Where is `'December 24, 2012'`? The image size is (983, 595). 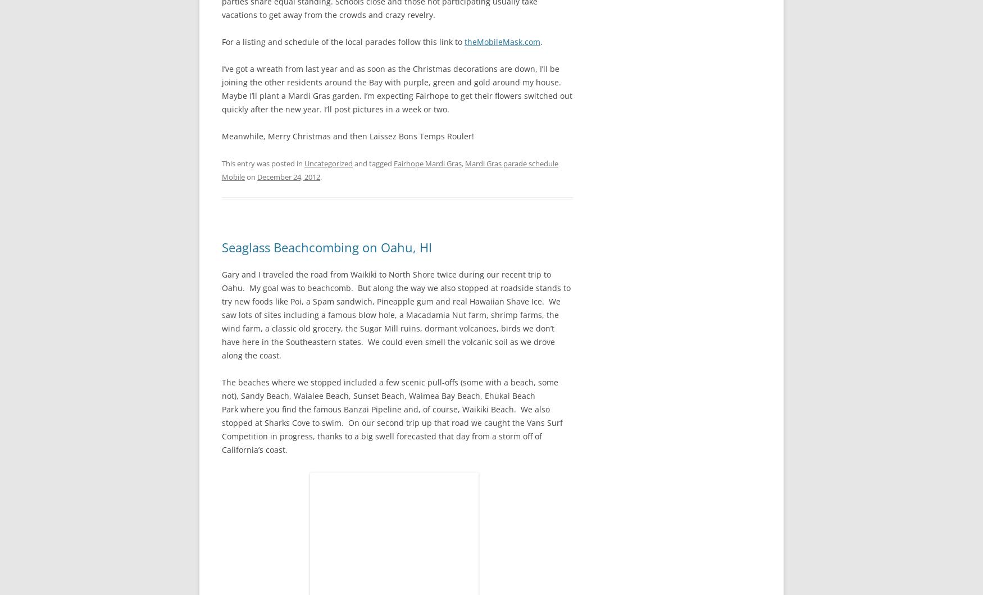 'December 24, 2012' is located at coordinates (288, 176).